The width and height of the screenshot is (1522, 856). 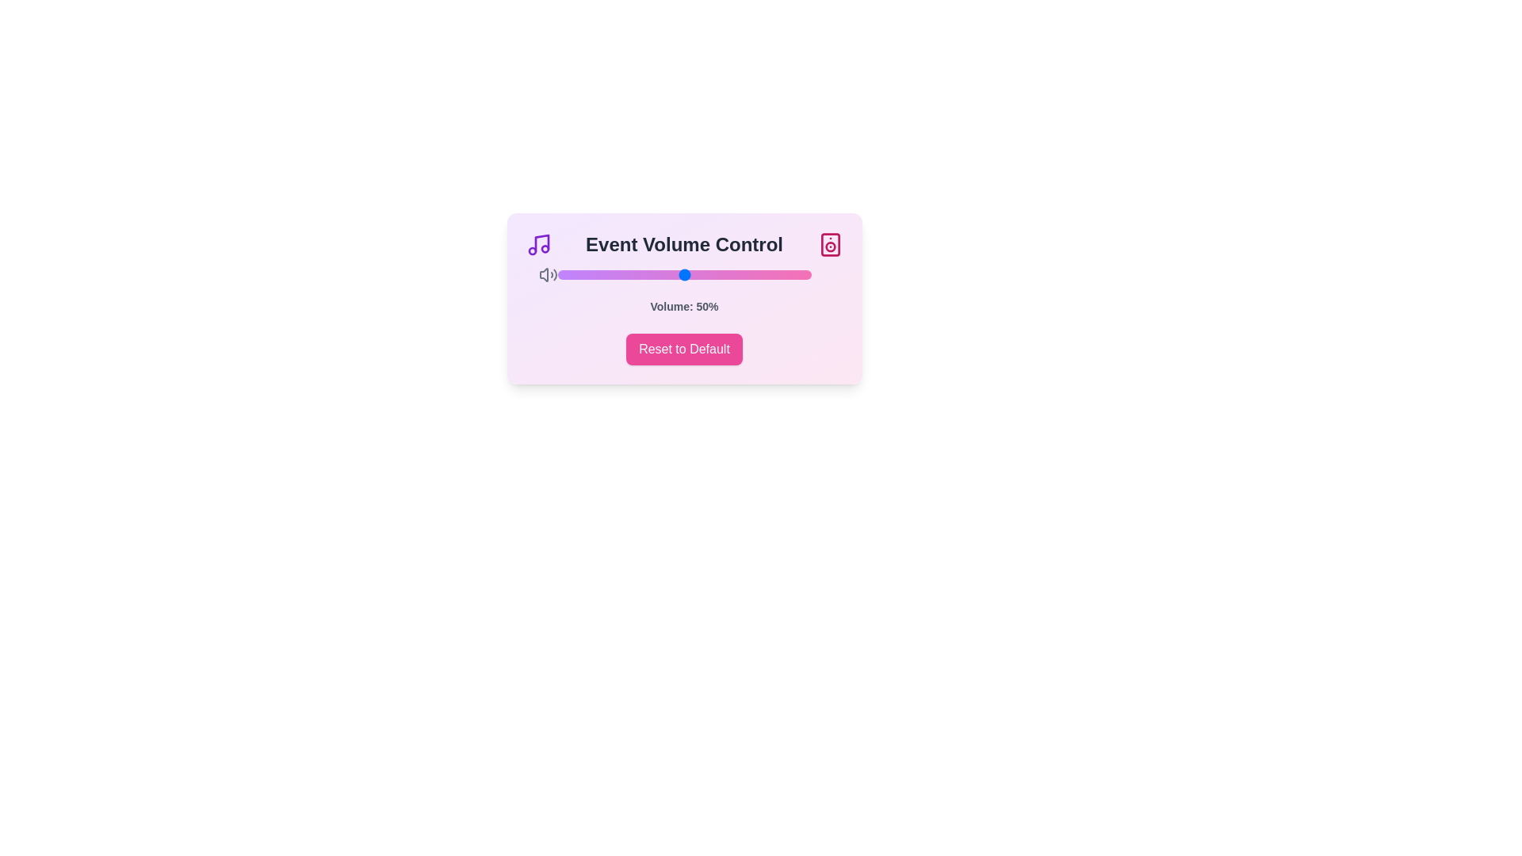 What do you see at coordinates (684, 348) in the screenshot?
I see `'Reset to Default' button to reset the volume to 50%` at bounding box center [684, 348].